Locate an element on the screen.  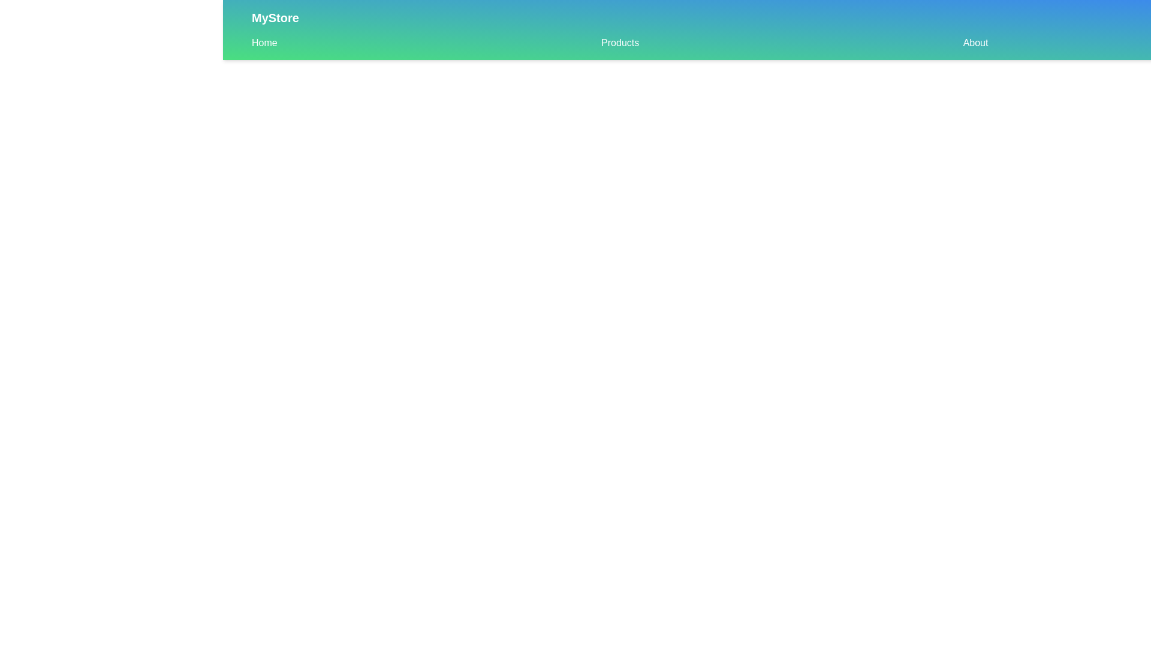
the 'MyStore' logo text in the CustomAppBar is located at coordinates (275, 18).